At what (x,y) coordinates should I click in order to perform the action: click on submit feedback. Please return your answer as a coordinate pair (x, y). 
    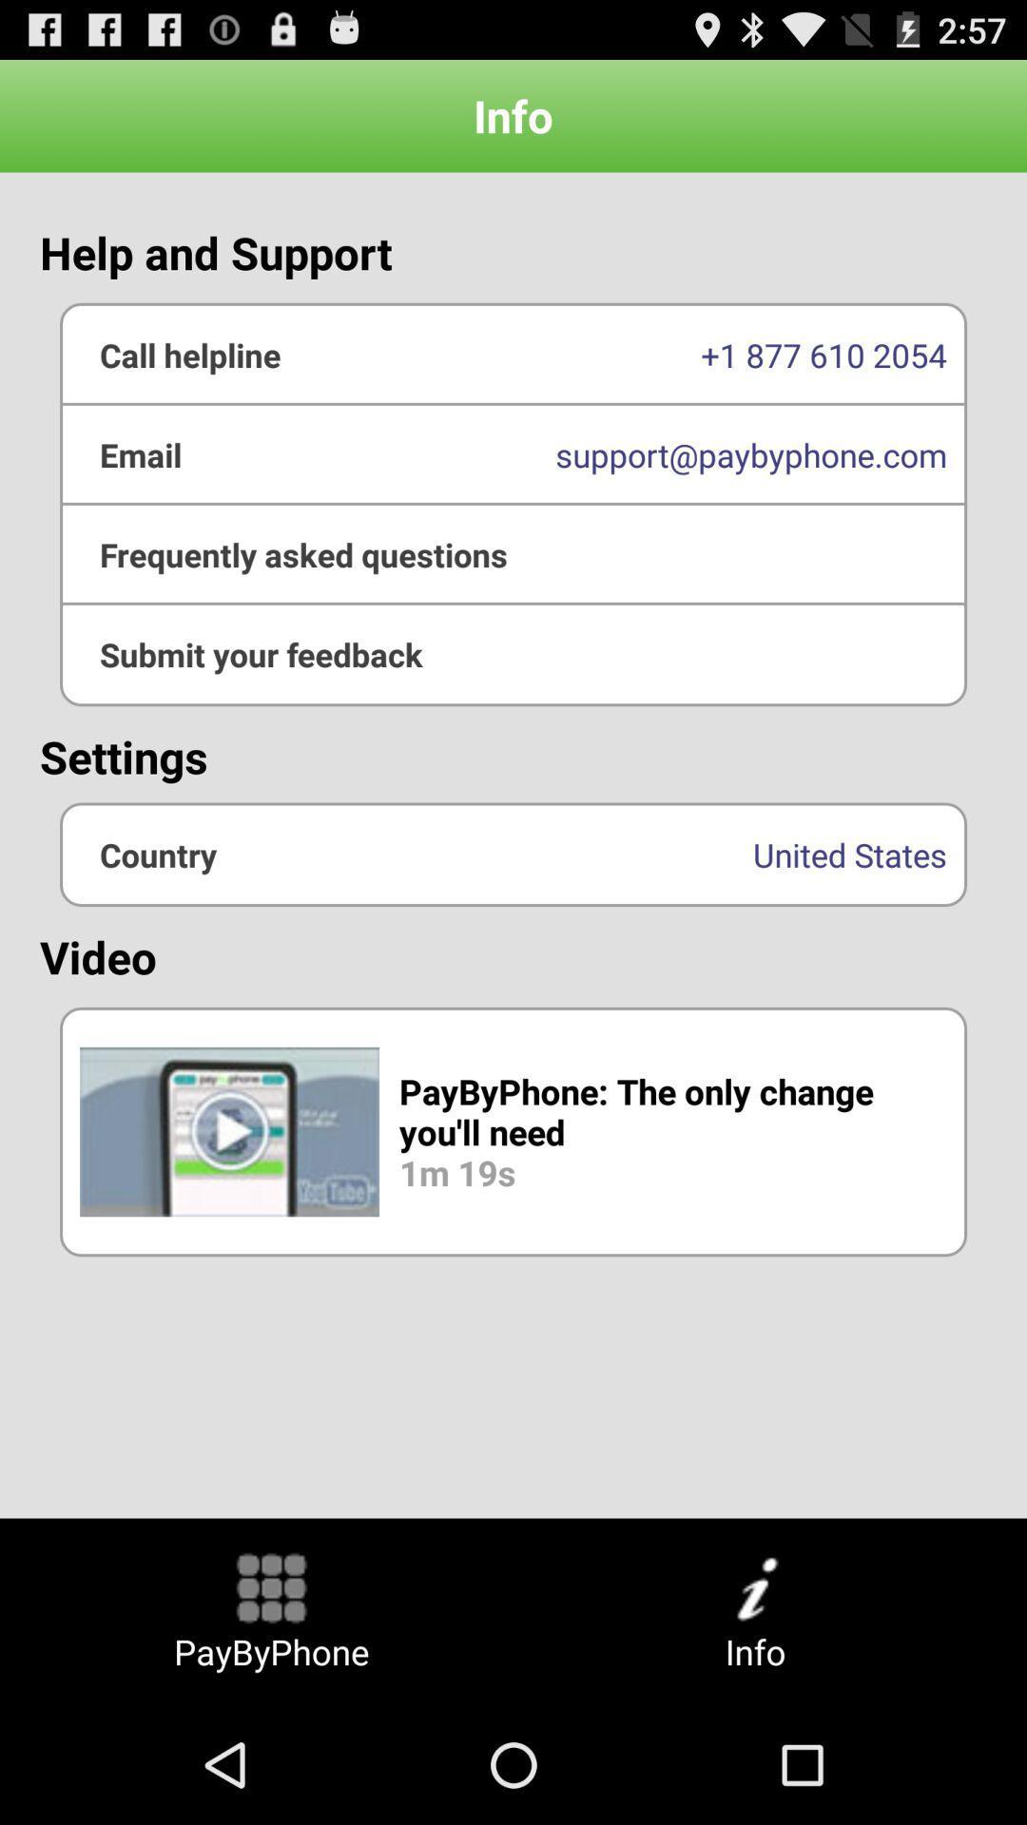
    Looking at the image, I should click on (513, 654).